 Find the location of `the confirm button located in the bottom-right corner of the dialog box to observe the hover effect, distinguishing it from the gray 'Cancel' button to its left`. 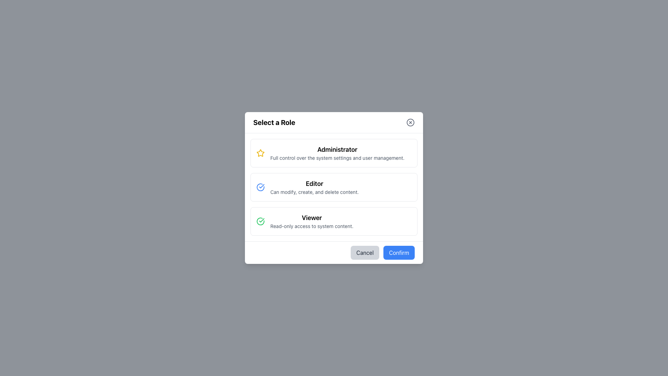

the confirm button located in the bottom-right corner of the dialog box to observe the hover effect, distinguishing it from the gray 'Cancel' button to its left is located at coordinates (399, 252).